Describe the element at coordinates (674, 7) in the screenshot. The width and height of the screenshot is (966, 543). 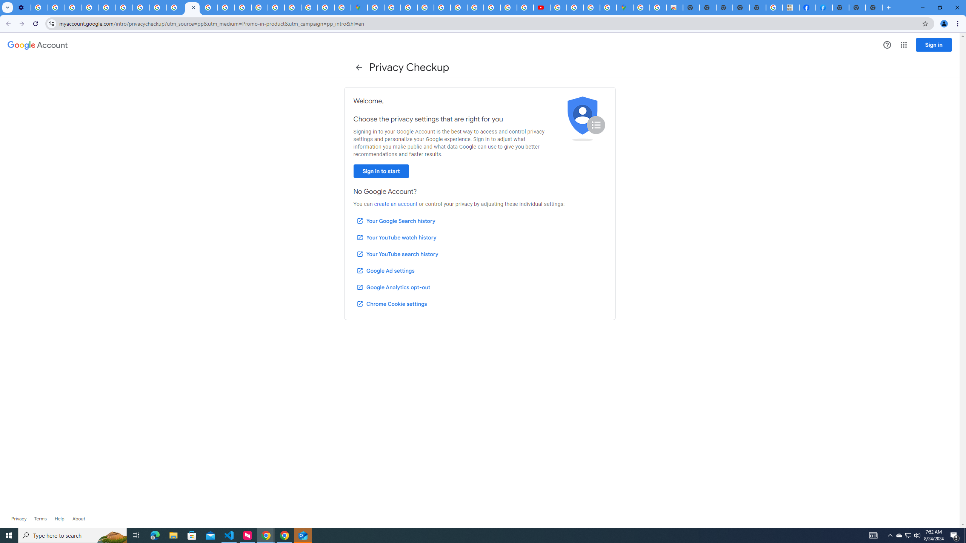
I see `'Chrome Web Store - Shopping'` at that location.